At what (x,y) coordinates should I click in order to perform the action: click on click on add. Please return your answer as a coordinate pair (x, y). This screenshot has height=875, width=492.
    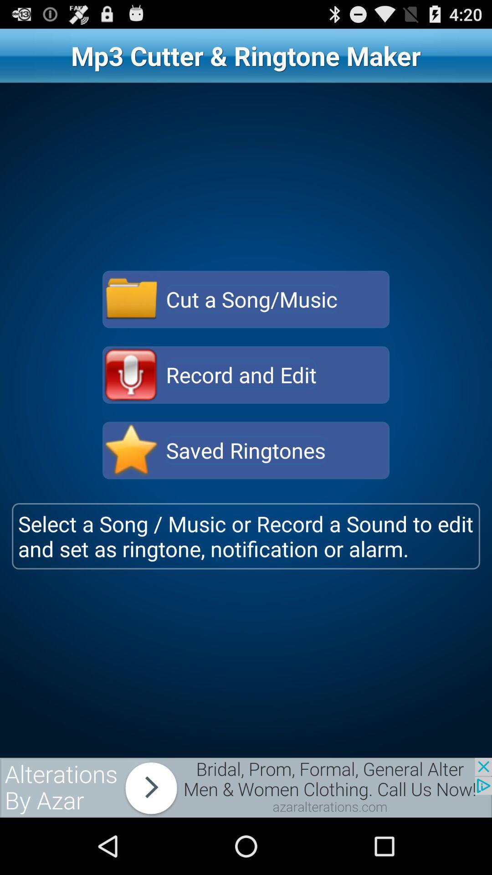
    Looking at the image, I should click on (246, 787).